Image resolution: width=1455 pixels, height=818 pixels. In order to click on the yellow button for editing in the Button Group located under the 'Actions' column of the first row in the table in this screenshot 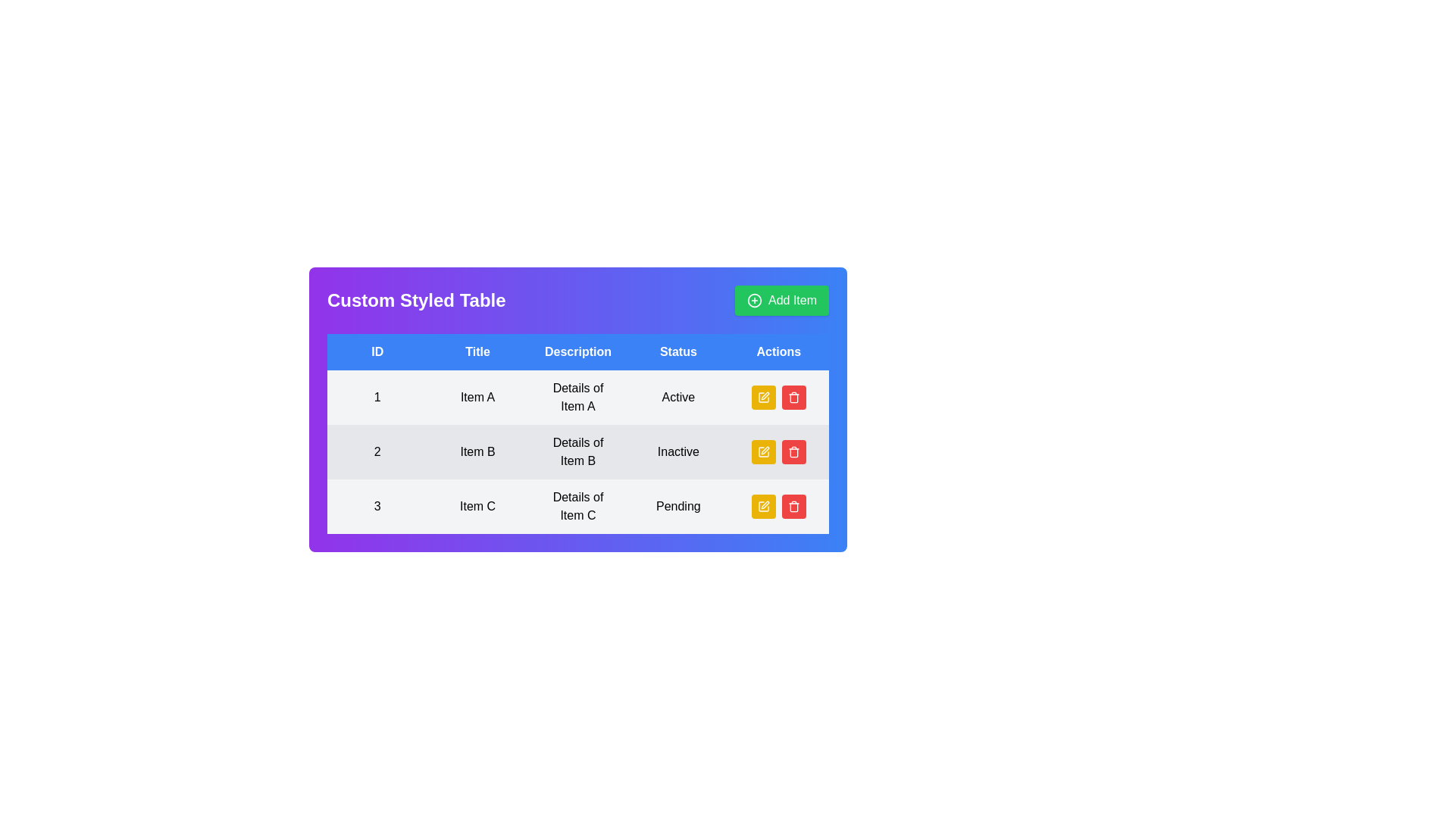, I will do `click(778, 396)`.